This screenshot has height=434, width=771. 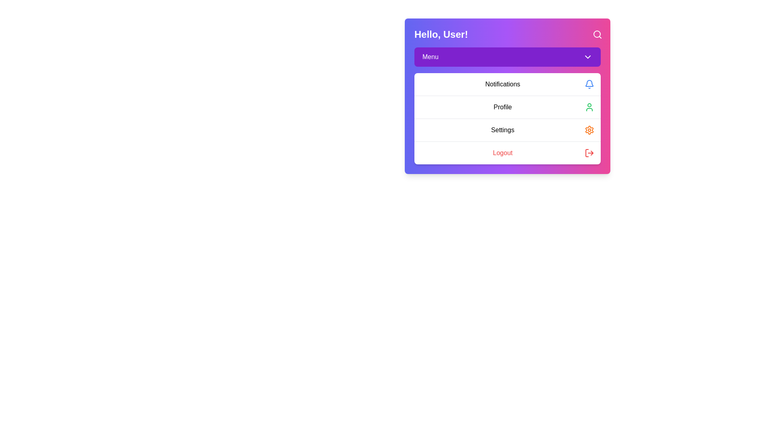 What do you see at coordinates (507, 106) in the screenshot?
I see `the 'Profile' menu option to navigate to the user profile section` at bounding box center [507, 106].